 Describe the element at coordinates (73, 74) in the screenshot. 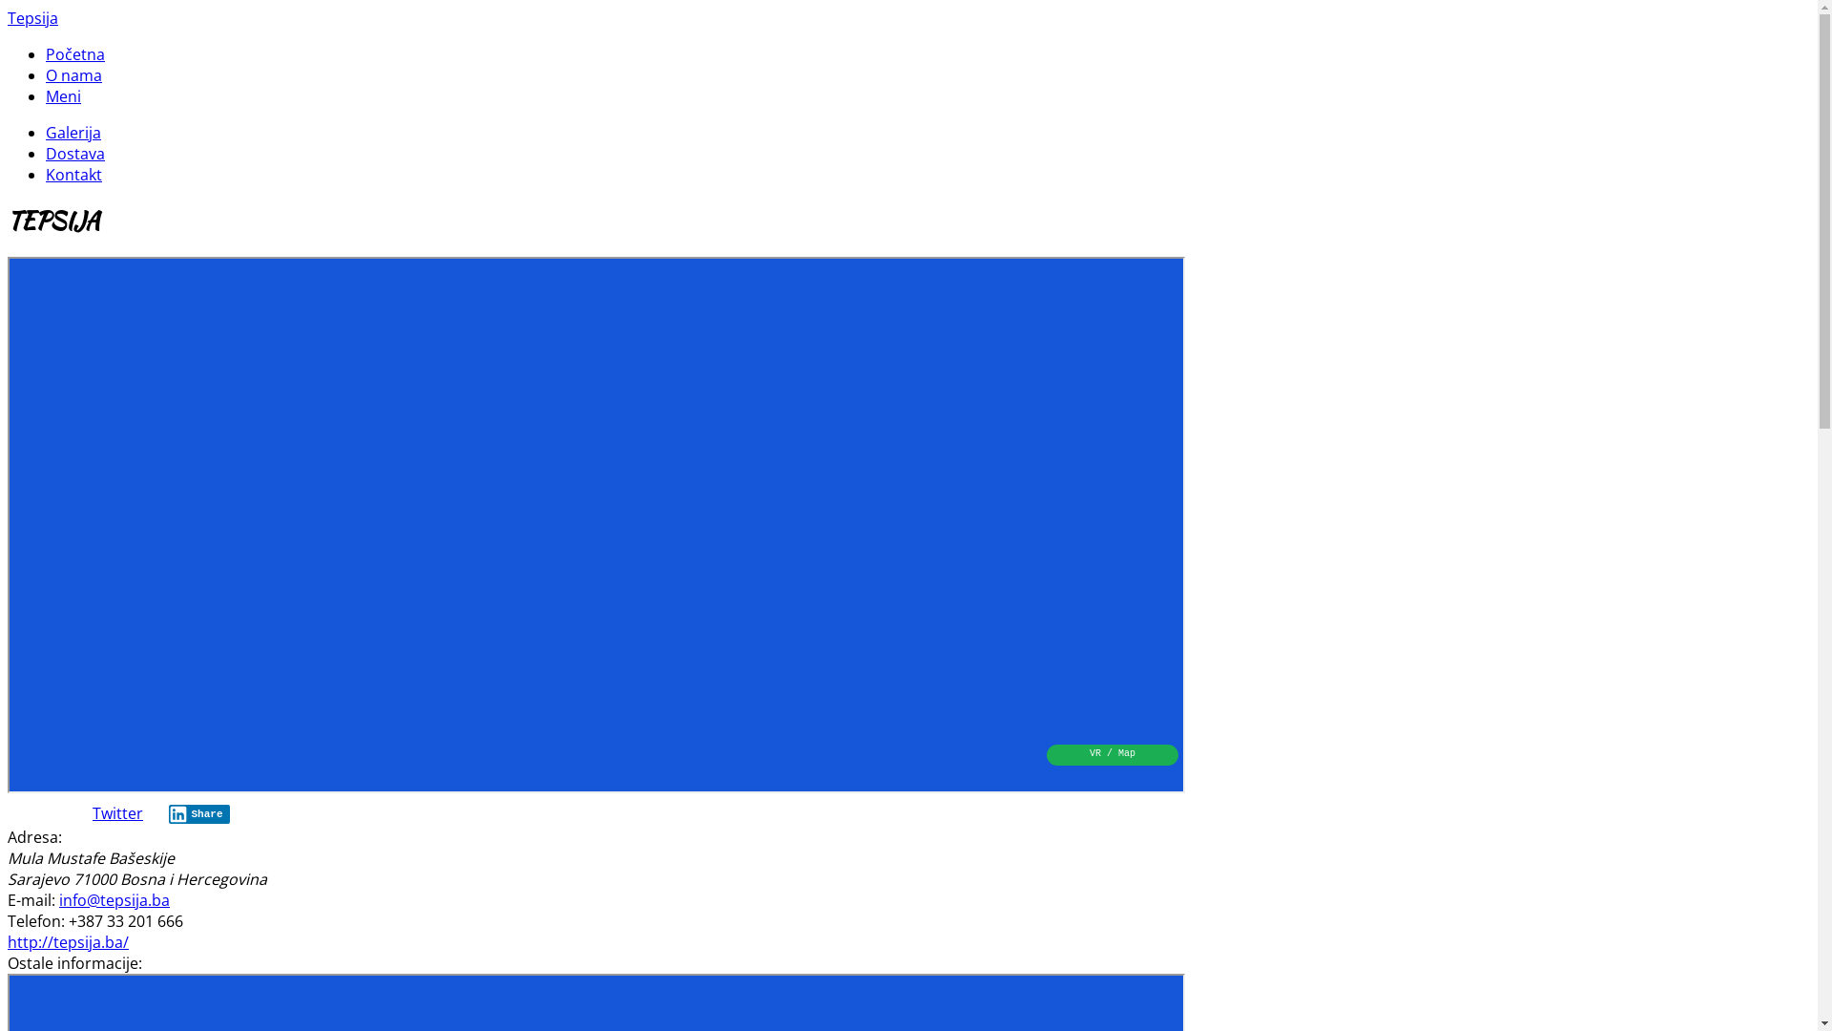

I see `'O nama'` at that location.